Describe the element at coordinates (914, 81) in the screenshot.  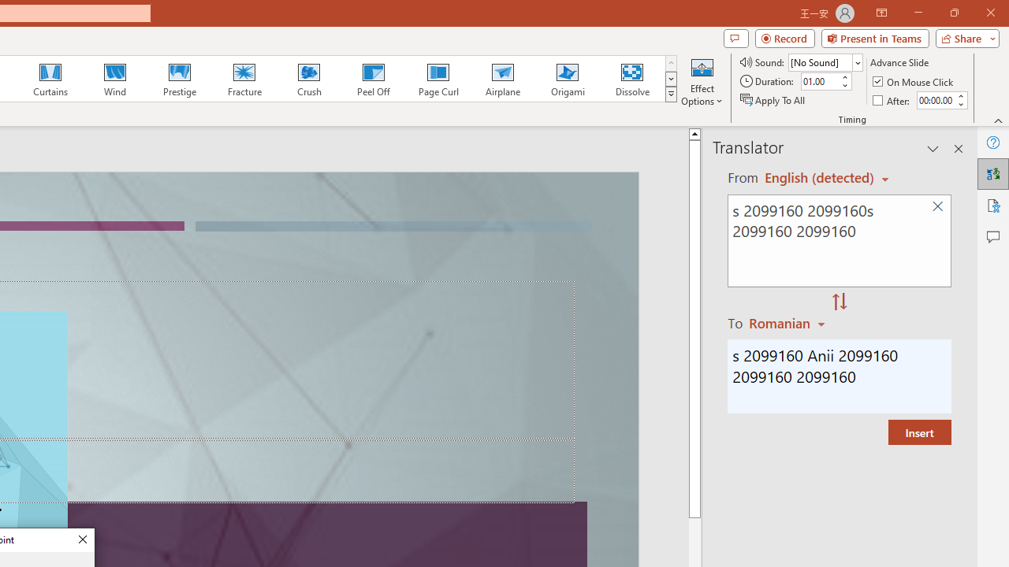
I see `'On Mouse Click'` at that location.